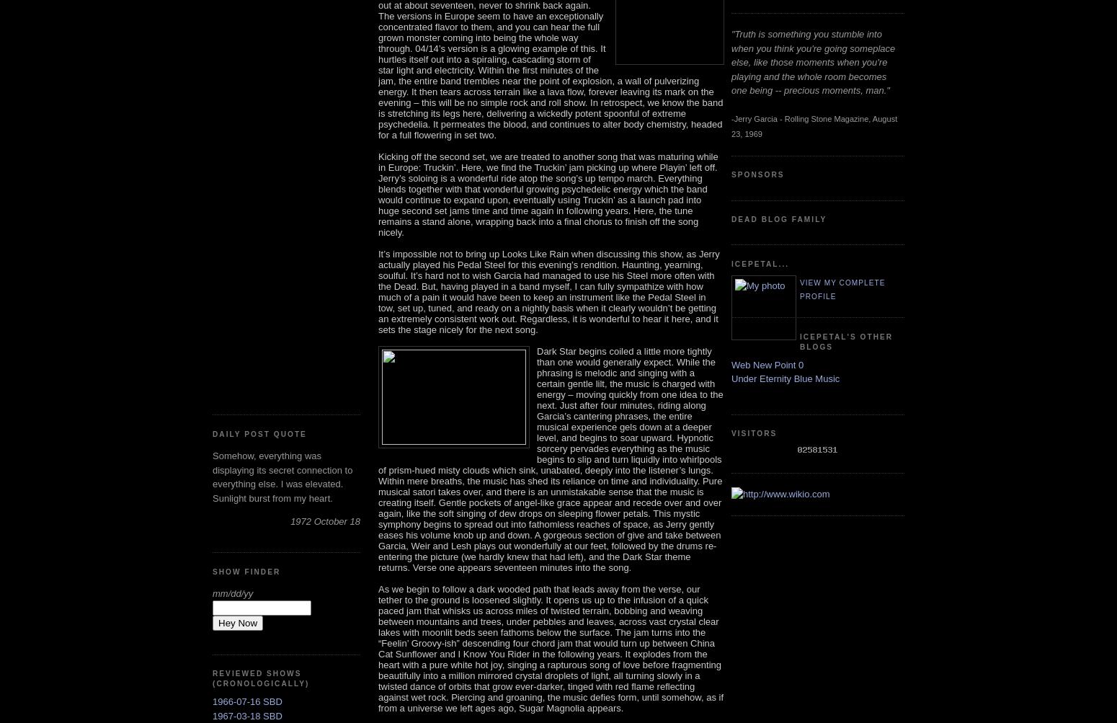 The image size is (1117, 723). Describe the element at coordinates (842, 288) in the screenshot. I see `'View my complete profile'` at that location.